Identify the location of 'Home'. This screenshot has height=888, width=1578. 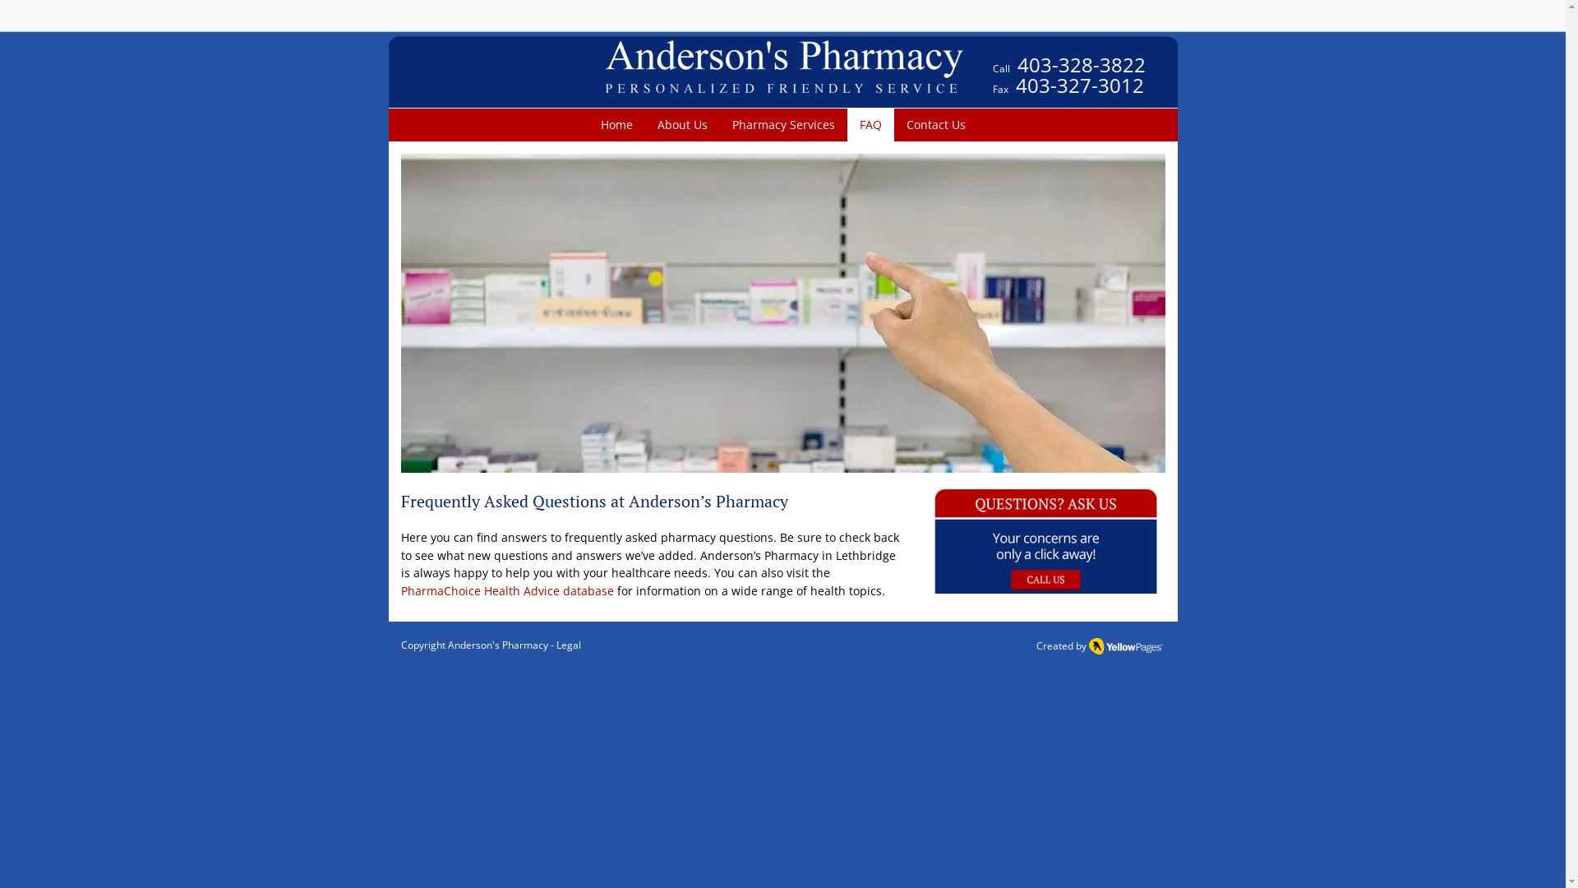
(616, 123).